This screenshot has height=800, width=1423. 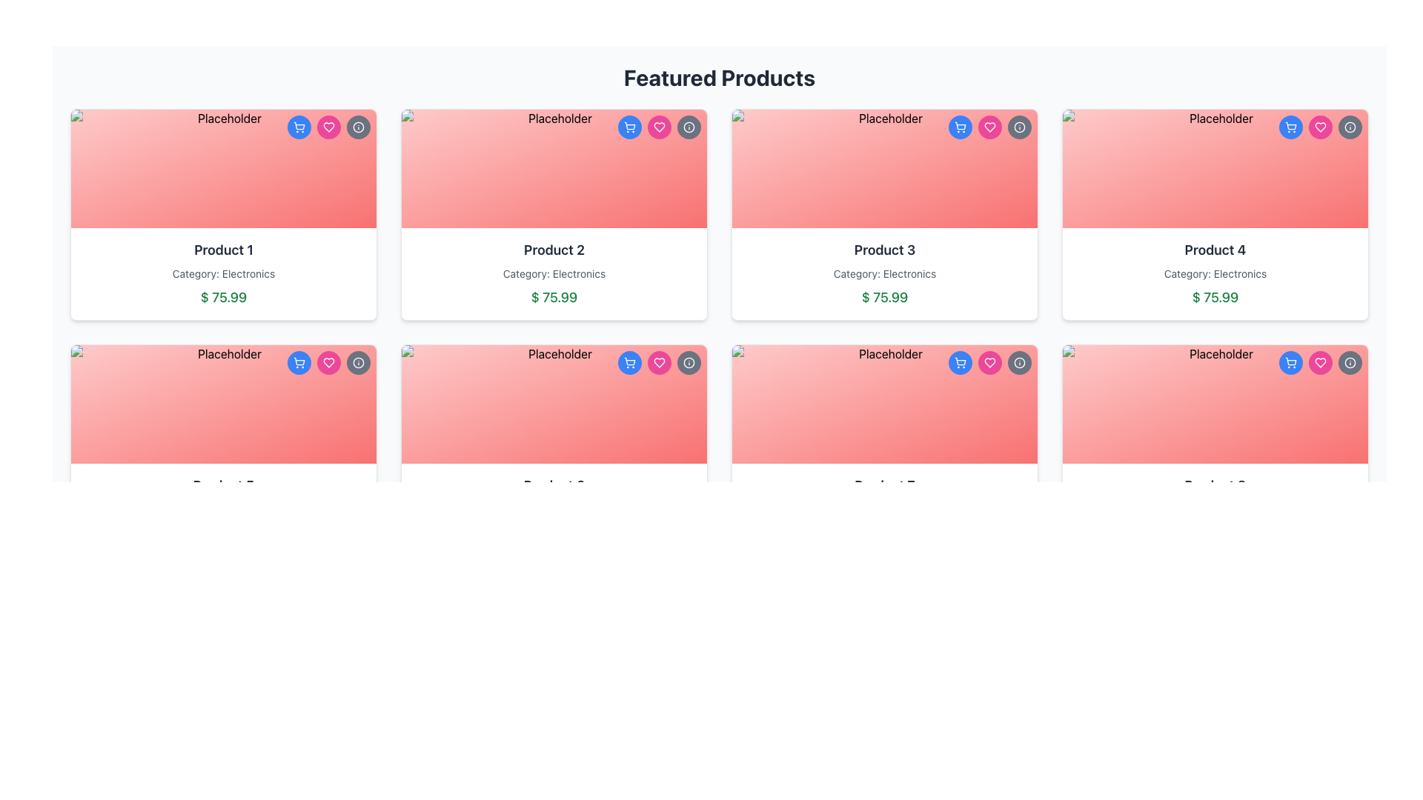 What do you see at coordinates (961, 362) in the screenshot?
I see `the leftmost circular button in the top-right corner of the 'Product 3' card` at bounding box center [961, 362].